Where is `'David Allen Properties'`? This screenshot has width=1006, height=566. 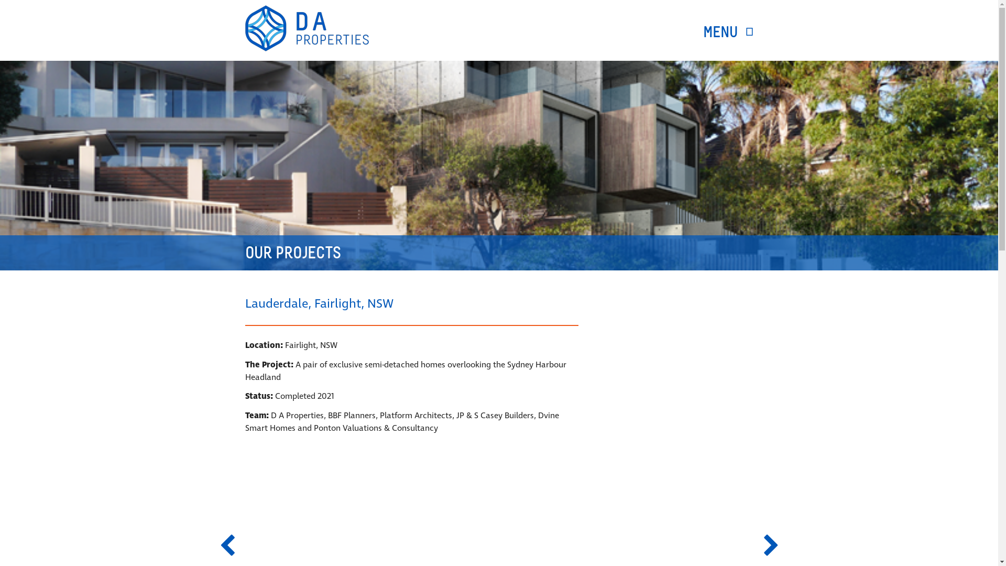
'David Allen Properties' is located at coordinates (306, 28).